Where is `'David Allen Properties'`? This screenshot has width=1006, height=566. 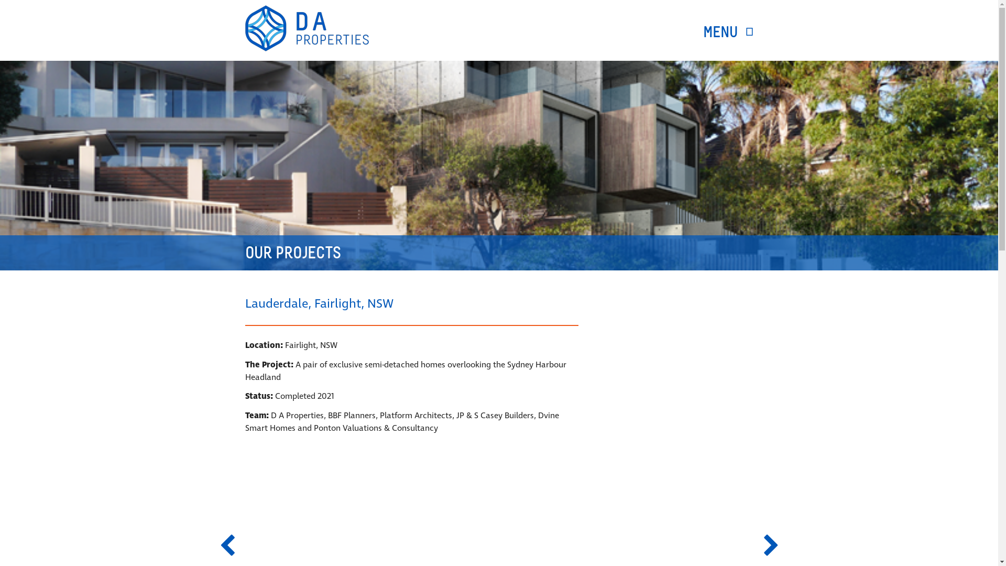
'David Allen Properties' is located at coordinates (306, 28).